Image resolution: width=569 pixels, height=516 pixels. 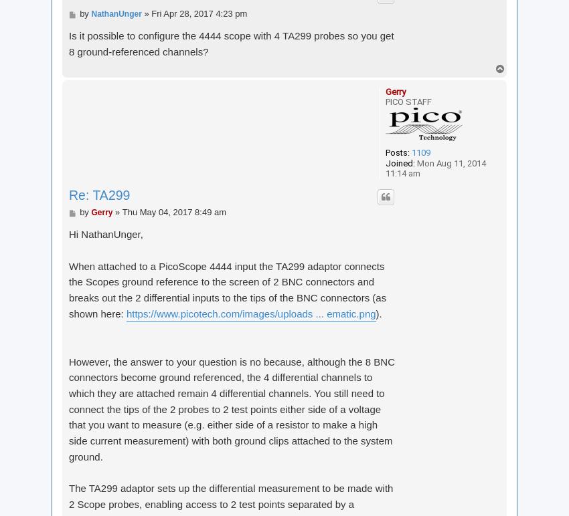 What do you see at coordinates (173, 211) in the screenshot?
I see `'Thu May 04, 2017 8:49 am'` at bounding box center [173, 211].